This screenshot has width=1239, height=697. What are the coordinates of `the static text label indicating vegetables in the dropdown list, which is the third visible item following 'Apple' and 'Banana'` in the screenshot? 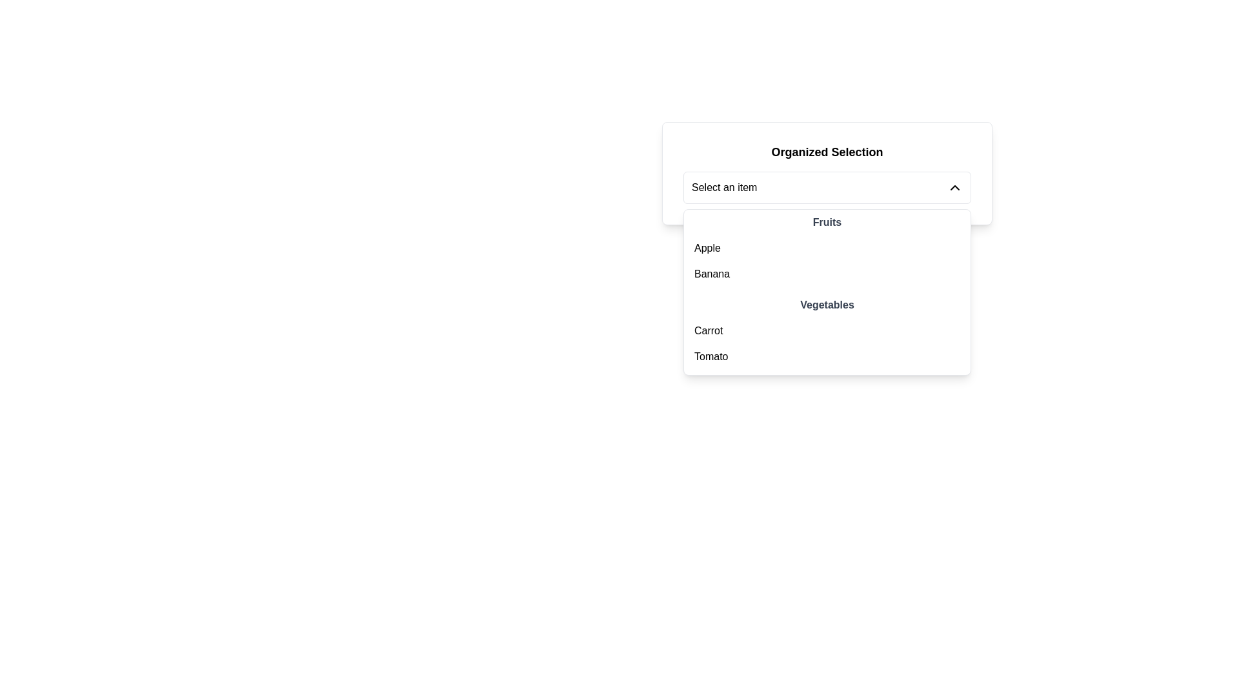 It's located at (827, 305).